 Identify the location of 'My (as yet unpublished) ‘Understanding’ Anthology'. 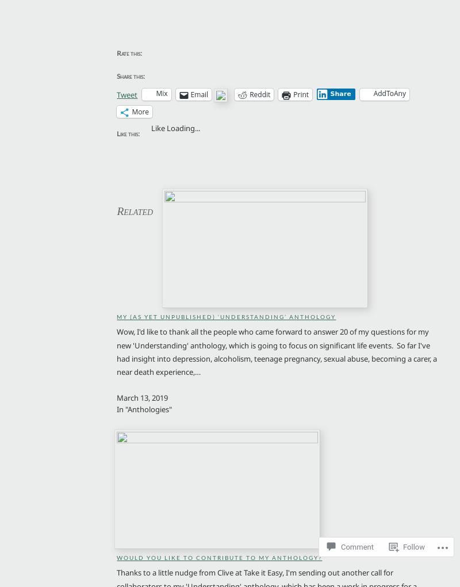
(225, 316).